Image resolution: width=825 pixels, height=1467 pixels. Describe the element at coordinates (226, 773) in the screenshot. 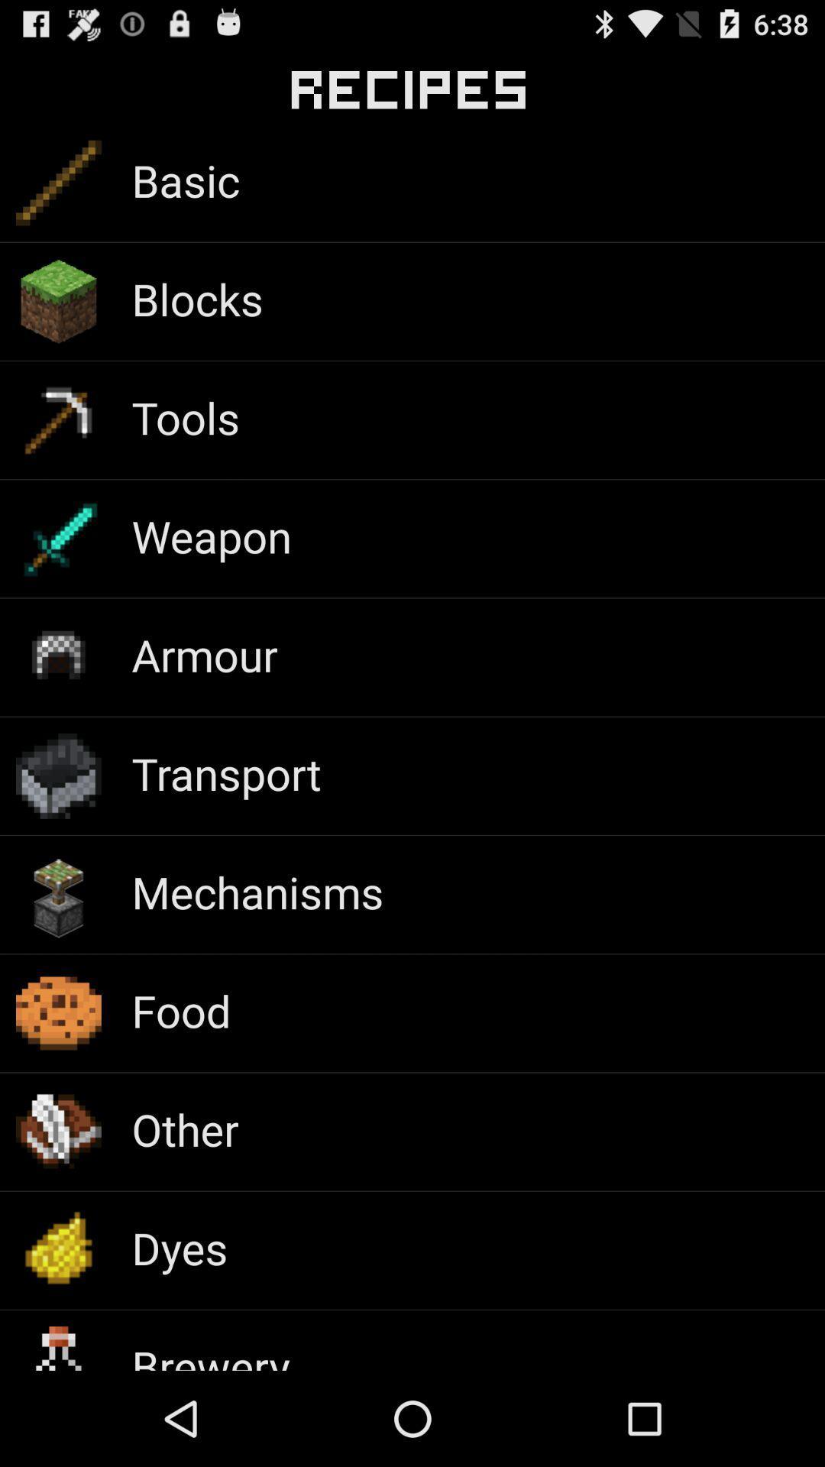

I see `app below the armour item` at that location.